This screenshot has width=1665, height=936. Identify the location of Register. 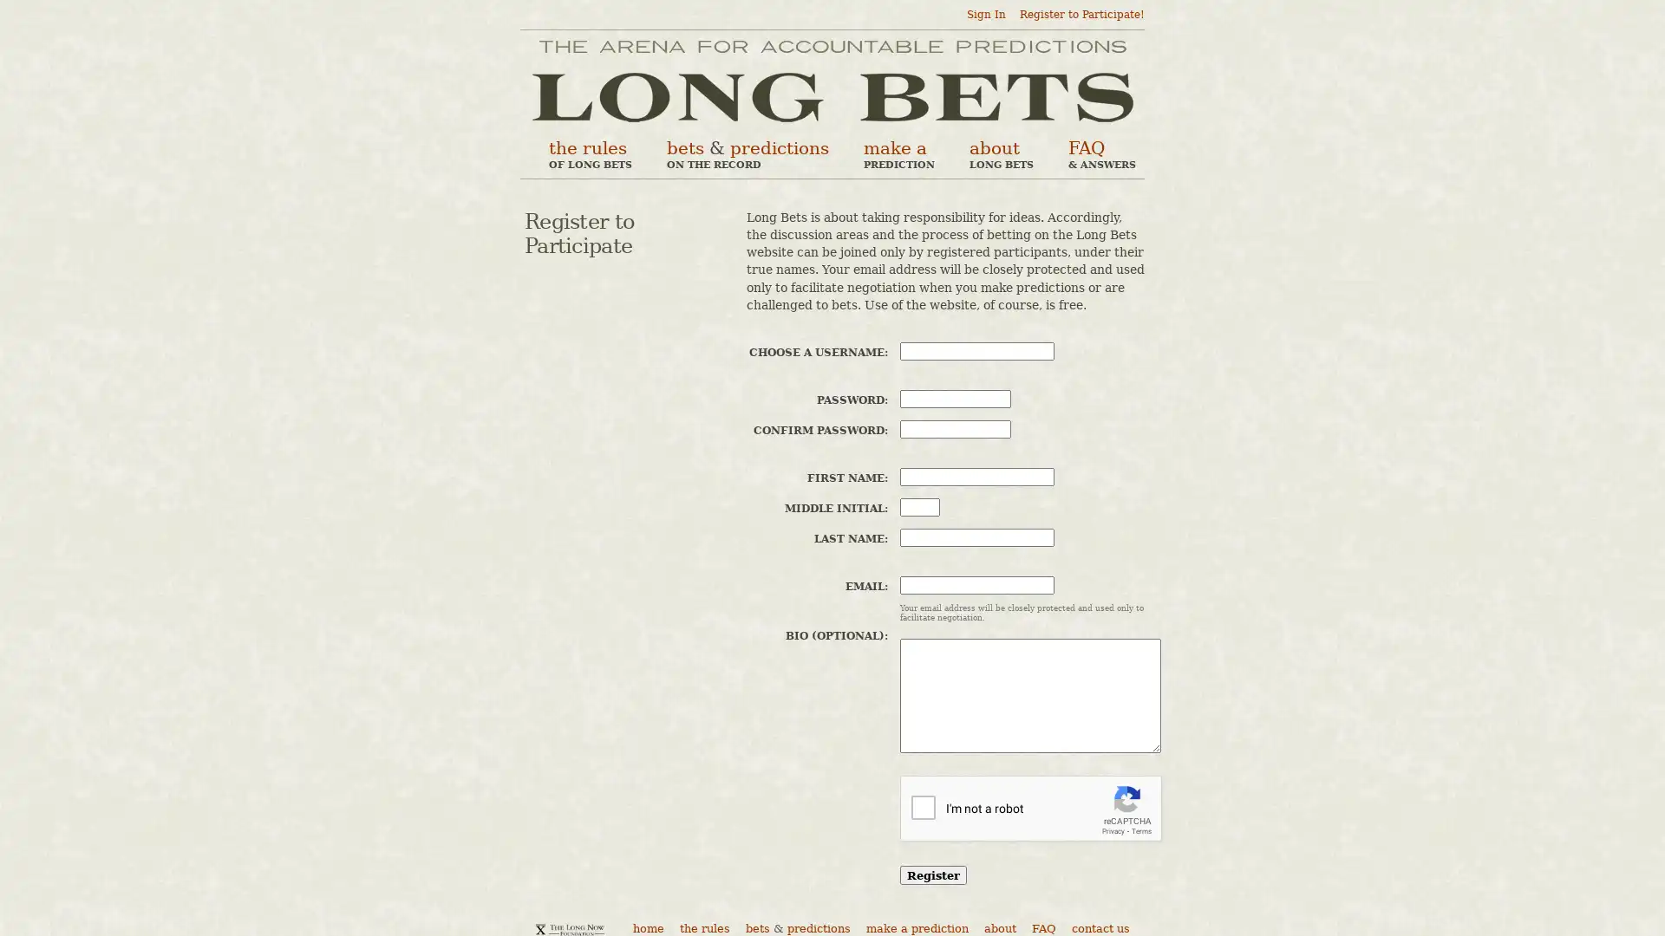
(932, 875).